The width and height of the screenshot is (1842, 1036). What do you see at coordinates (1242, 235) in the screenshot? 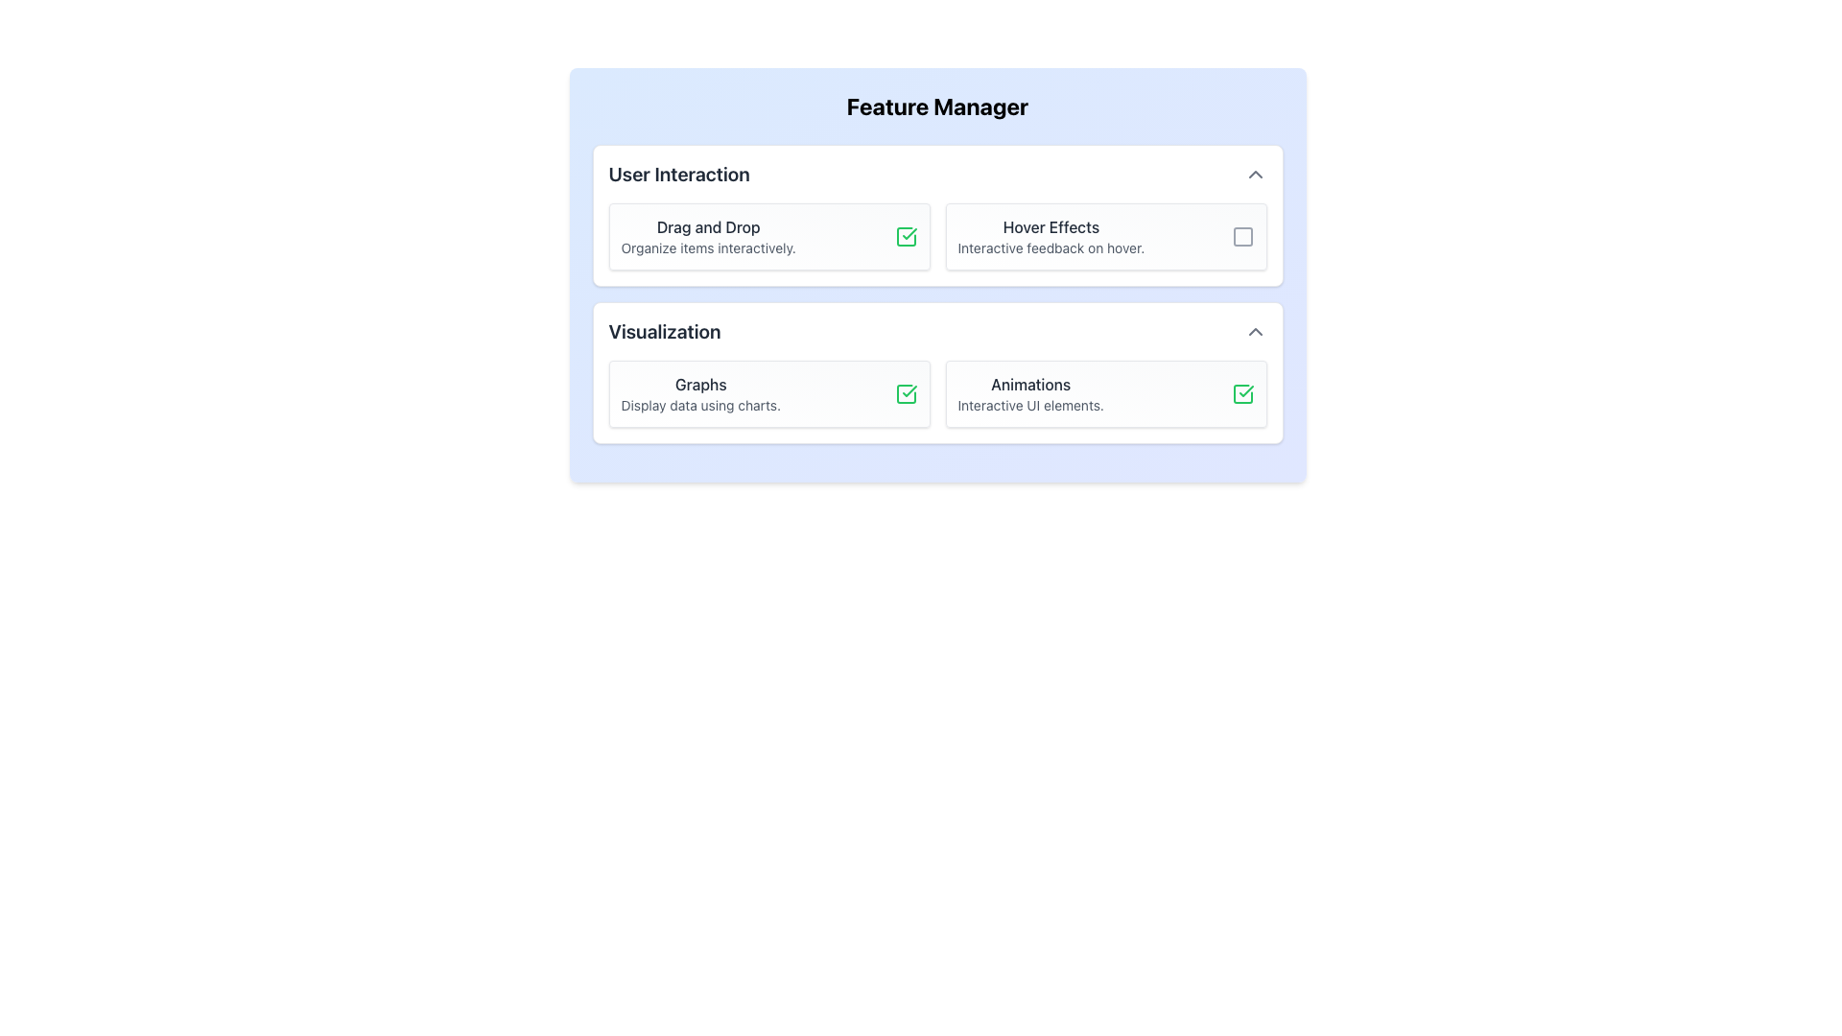
I see `the square-shaped icon with a rounded stroke and muted gray color located to the far-right side of the second item in the 'User Interaction' section, adjacent to the 'Hover Effects' label` at bounding box center [1242, 235].